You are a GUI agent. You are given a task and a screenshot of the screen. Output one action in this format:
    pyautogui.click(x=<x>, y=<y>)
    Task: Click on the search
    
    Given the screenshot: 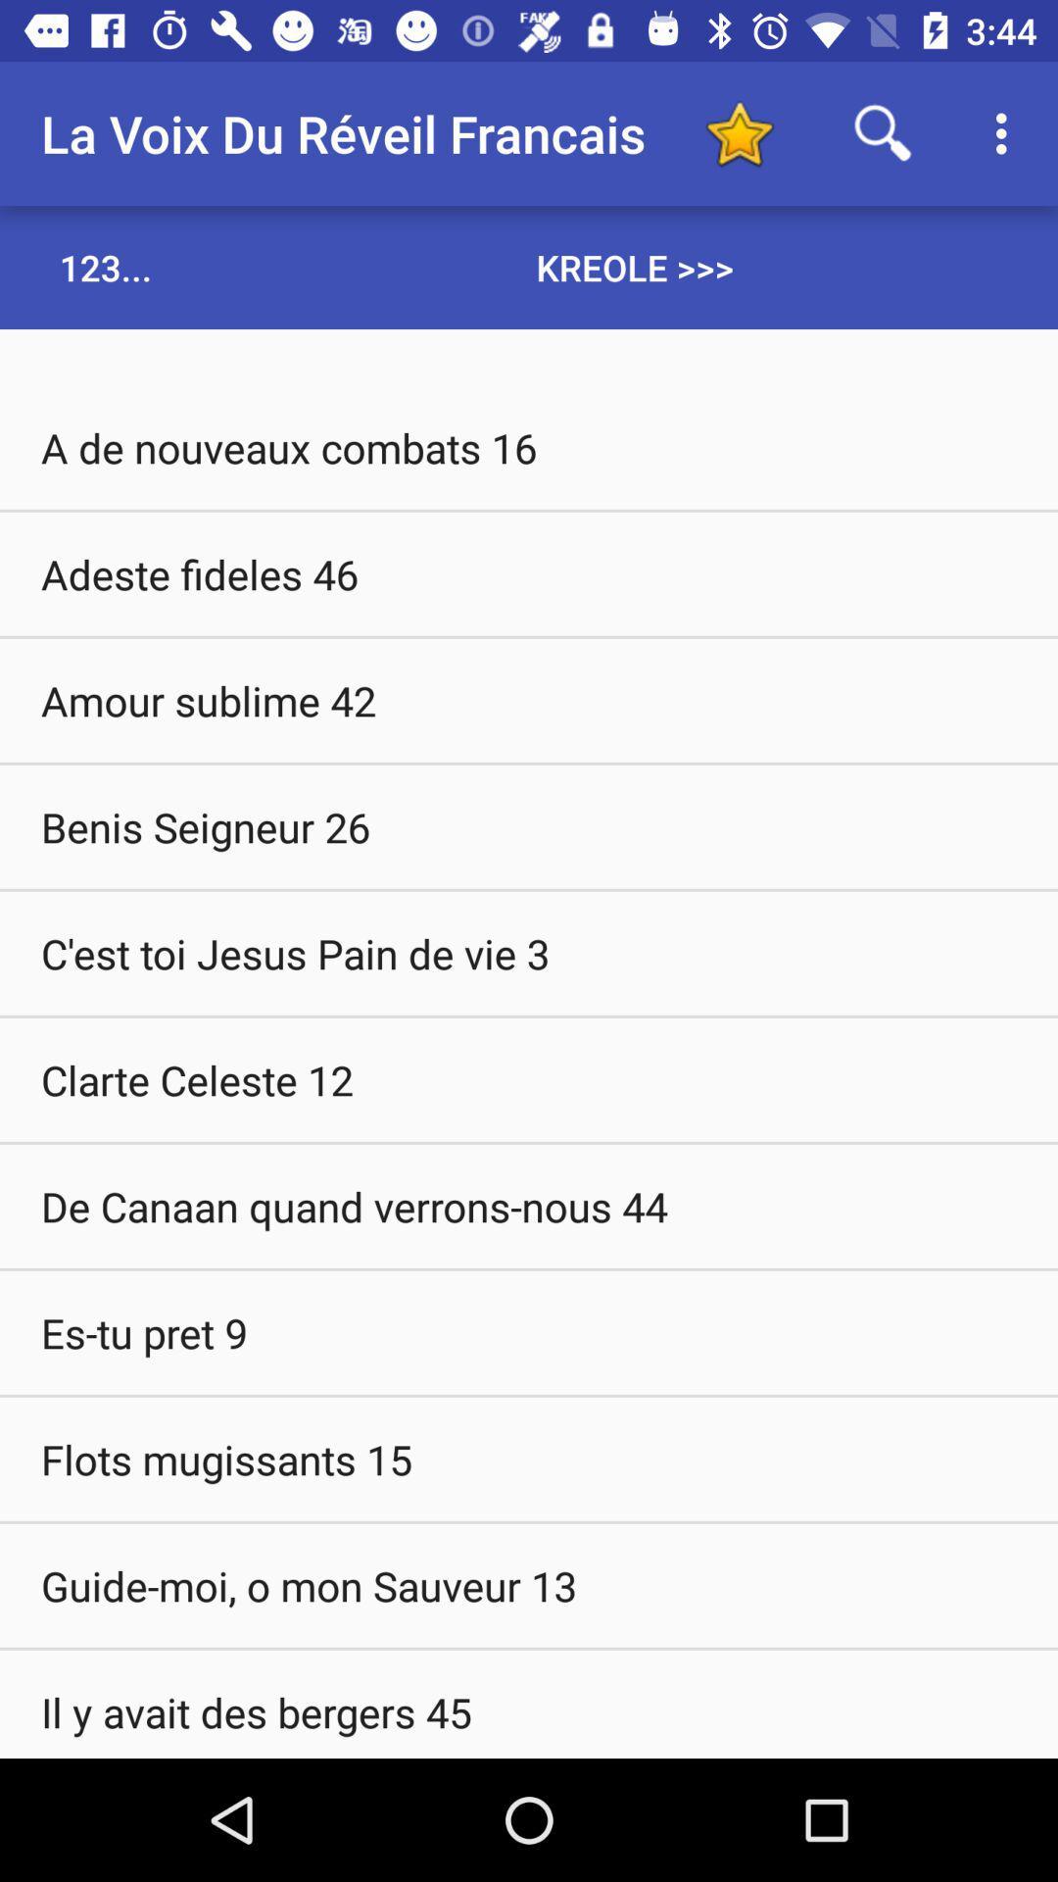 What is the action you would take?
    pyautogui.click(x=883, y=132)
    